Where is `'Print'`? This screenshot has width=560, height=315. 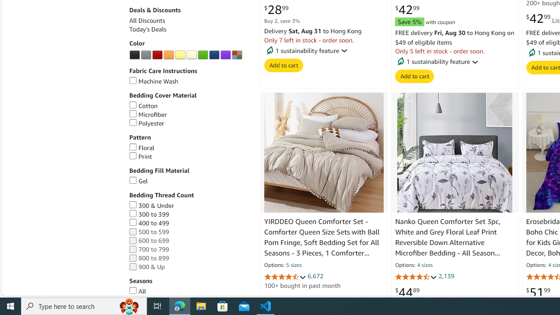
'Print' is located at coordinates (140, 156).